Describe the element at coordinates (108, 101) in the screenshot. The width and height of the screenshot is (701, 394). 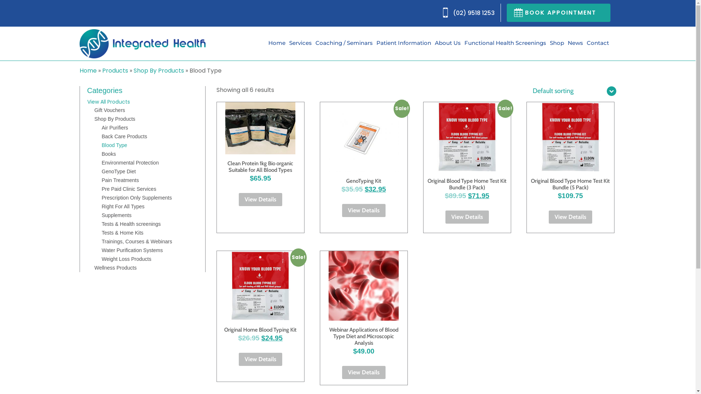
I see `'View All Products'` at that location.